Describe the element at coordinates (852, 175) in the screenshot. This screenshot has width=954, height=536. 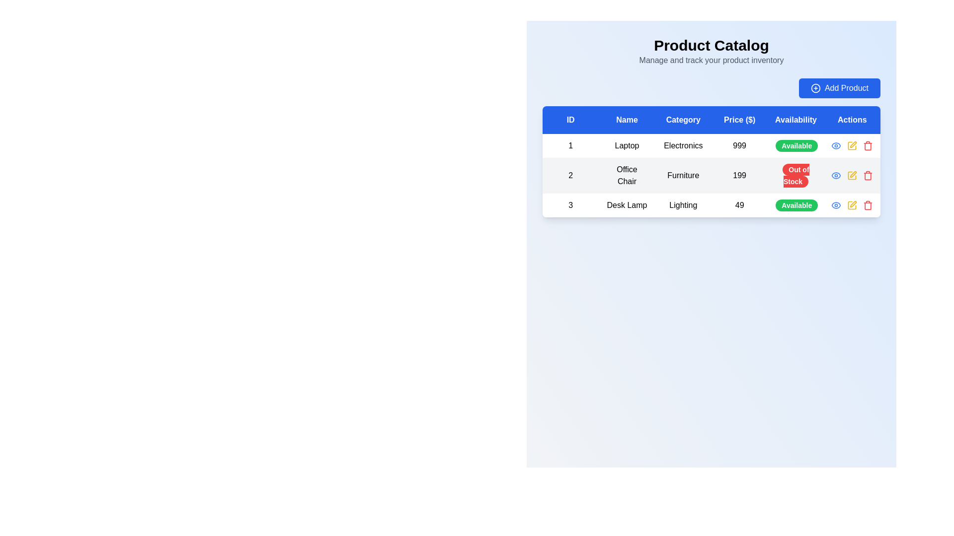
I see `the pencil icon representing the 'Edit' function in the Actions column of the second row for the 'Office Chair' entry` at that location.